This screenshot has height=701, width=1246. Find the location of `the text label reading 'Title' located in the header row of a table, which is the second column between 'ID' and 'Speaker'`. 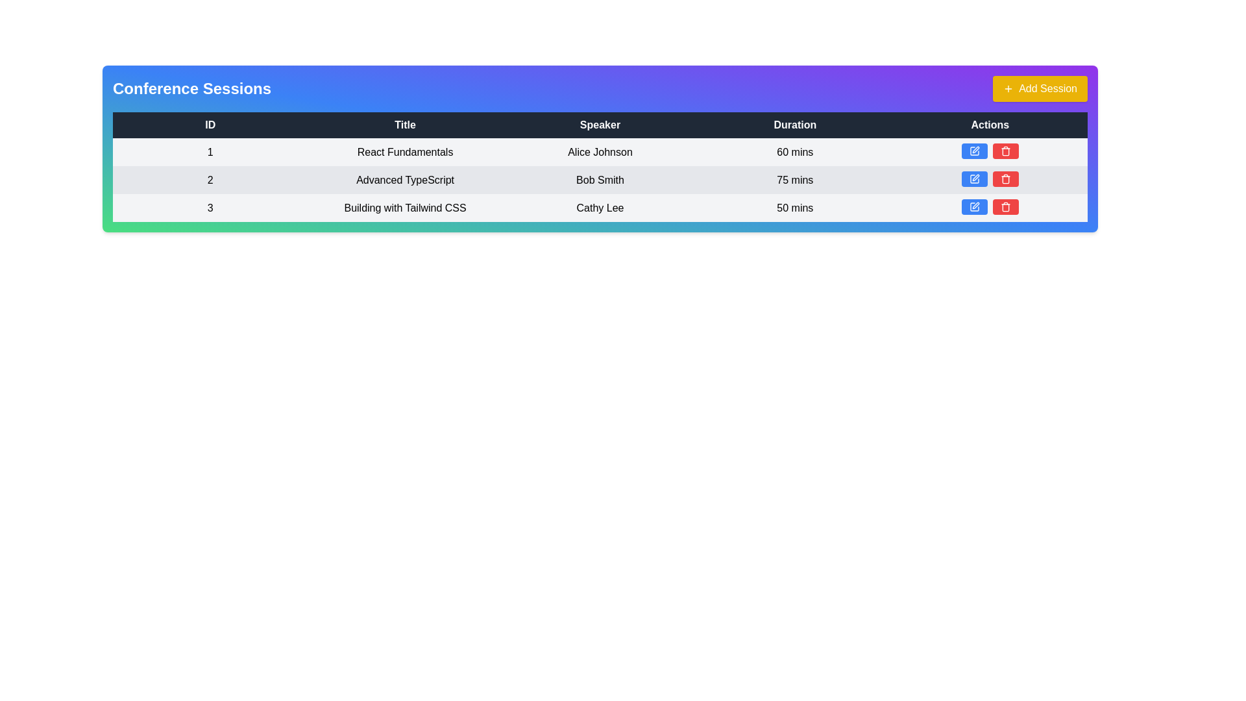

the text label reading 'Title' located in the header row of a table, which is the second column between 'ID' and 'Speaker' is located at coordinates (404, 125).